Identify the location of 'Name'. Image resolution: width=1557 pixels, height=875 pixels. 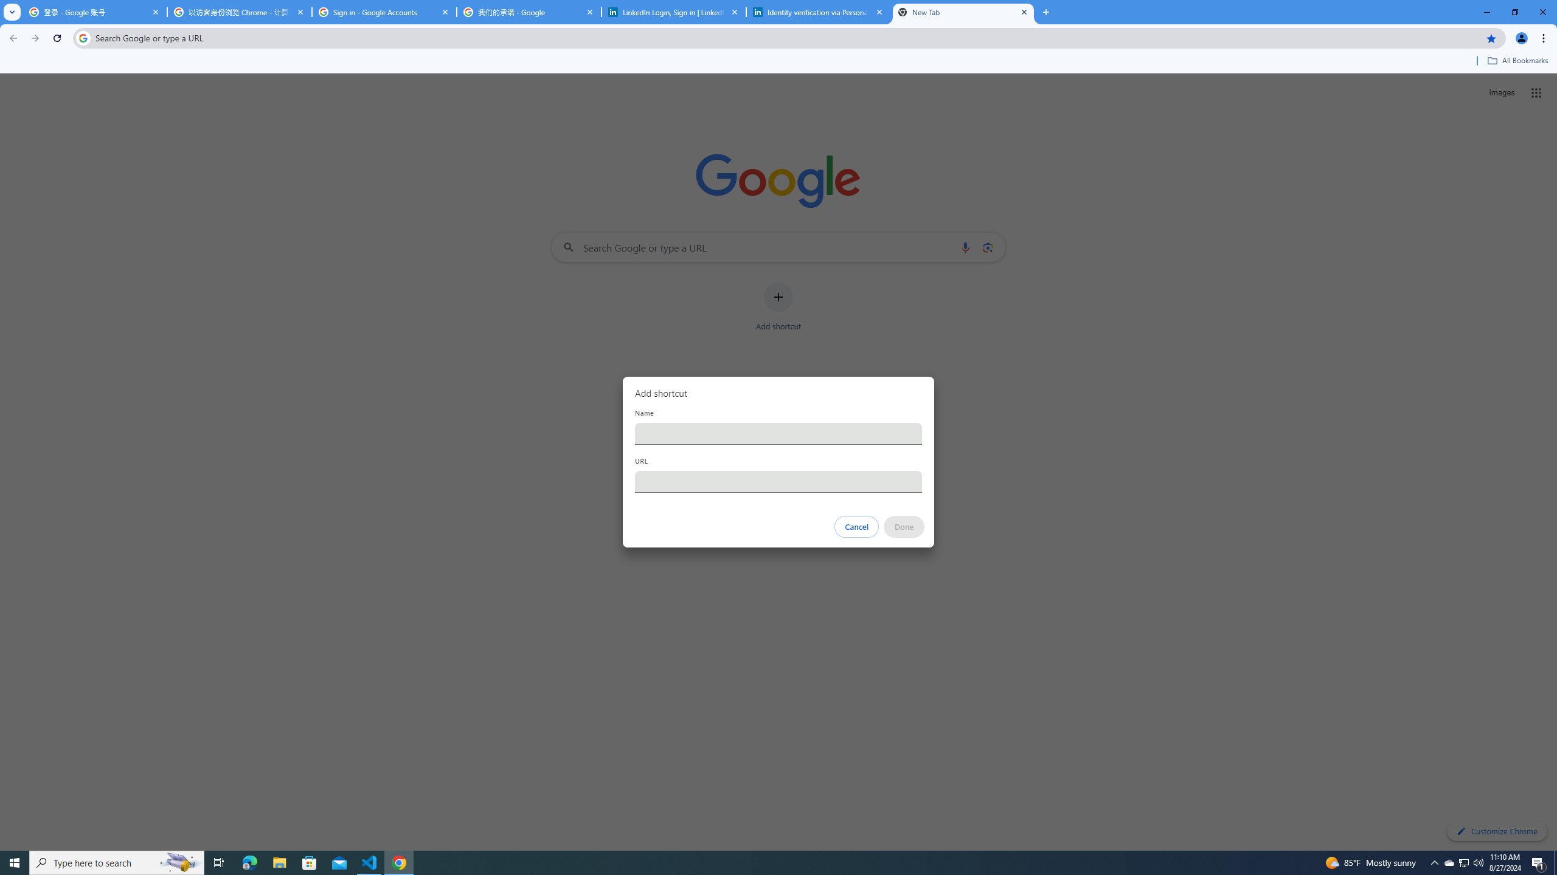
(778, 433).